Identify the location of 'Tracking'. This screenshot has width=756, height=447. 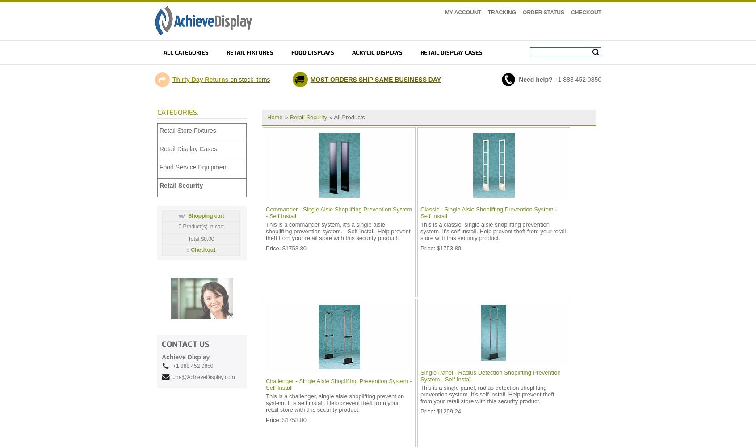
(501, 13).